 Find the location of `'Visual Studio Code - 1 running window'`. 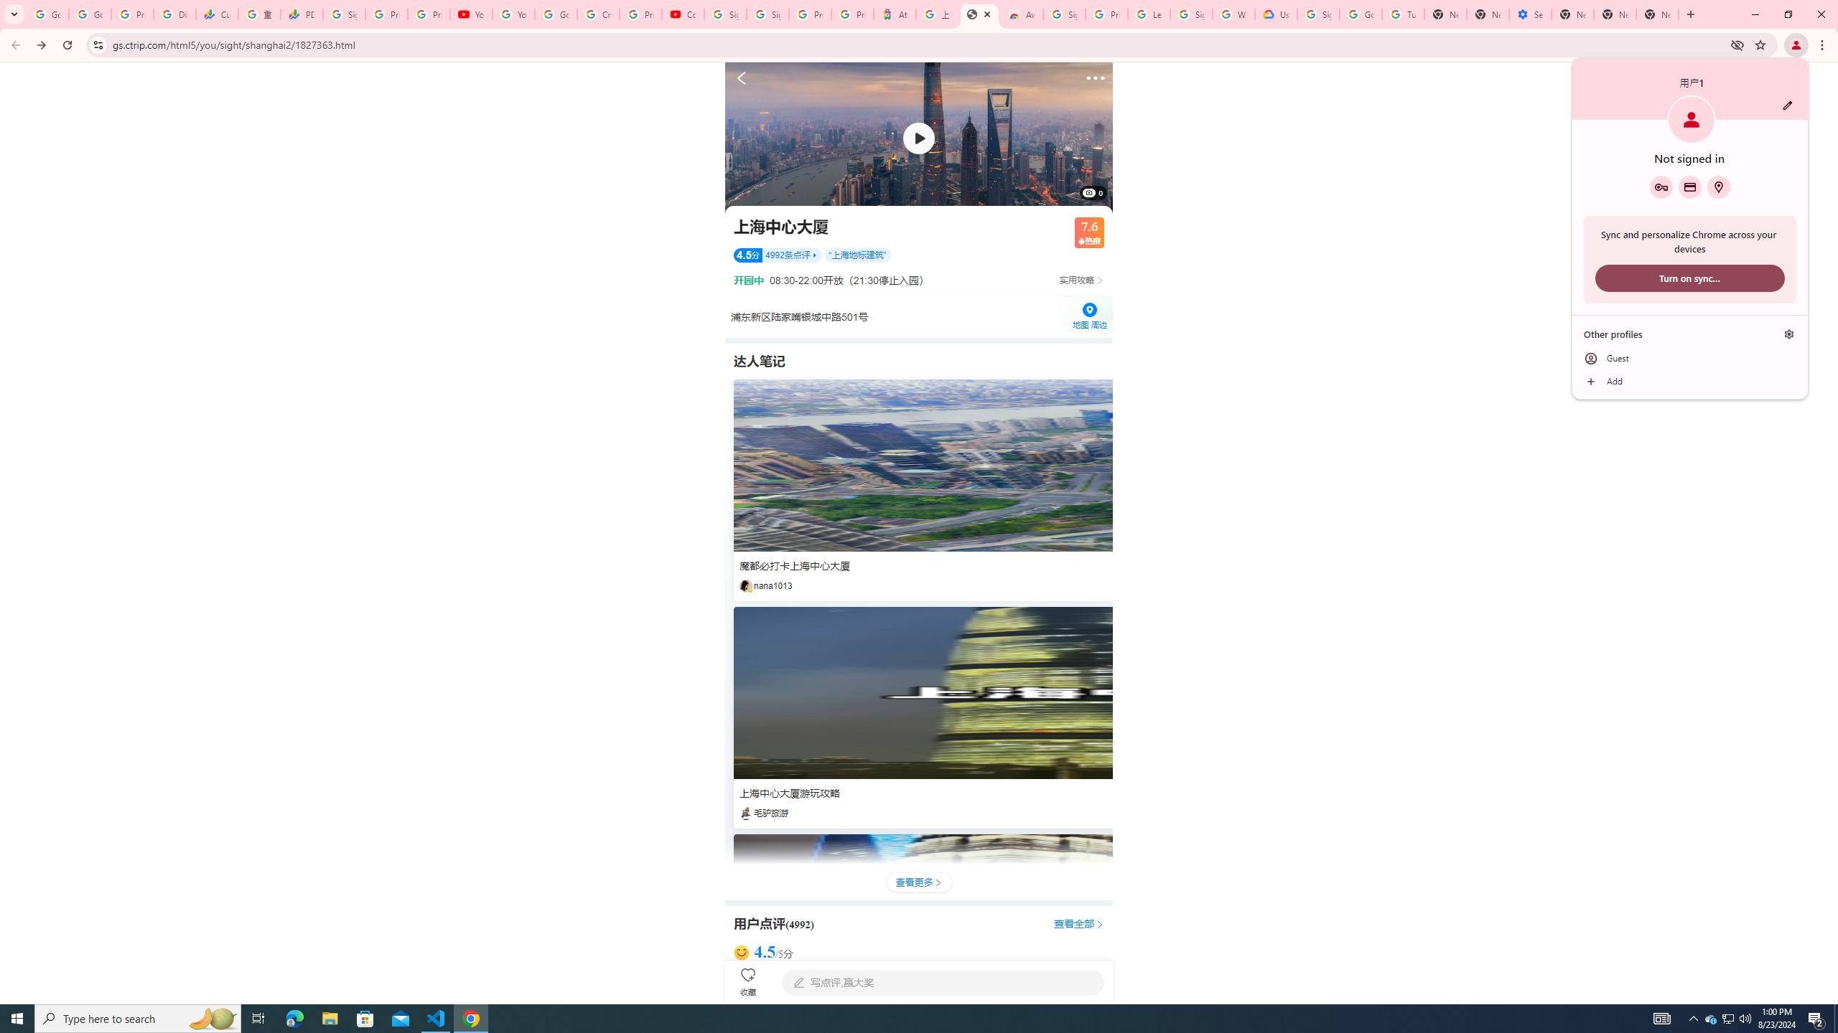

'Visual Studio Code - 1 running window' is located at coordinates (436, 1017).